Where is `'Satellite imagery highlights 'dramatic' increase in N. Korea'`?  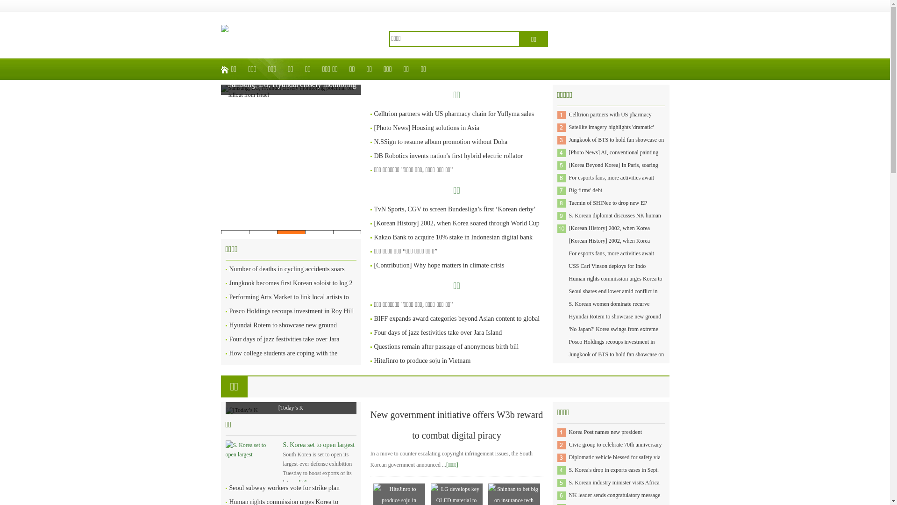
'Satellite imagery highlights 'dramatic' increase in N. Korea' is located at coordinates (612, 133).